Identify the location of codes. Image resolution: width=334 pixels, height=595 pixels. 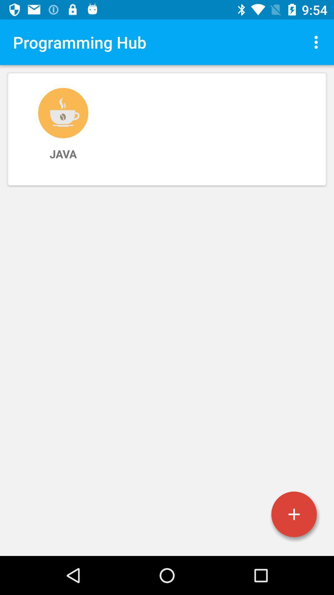
(294, 514).